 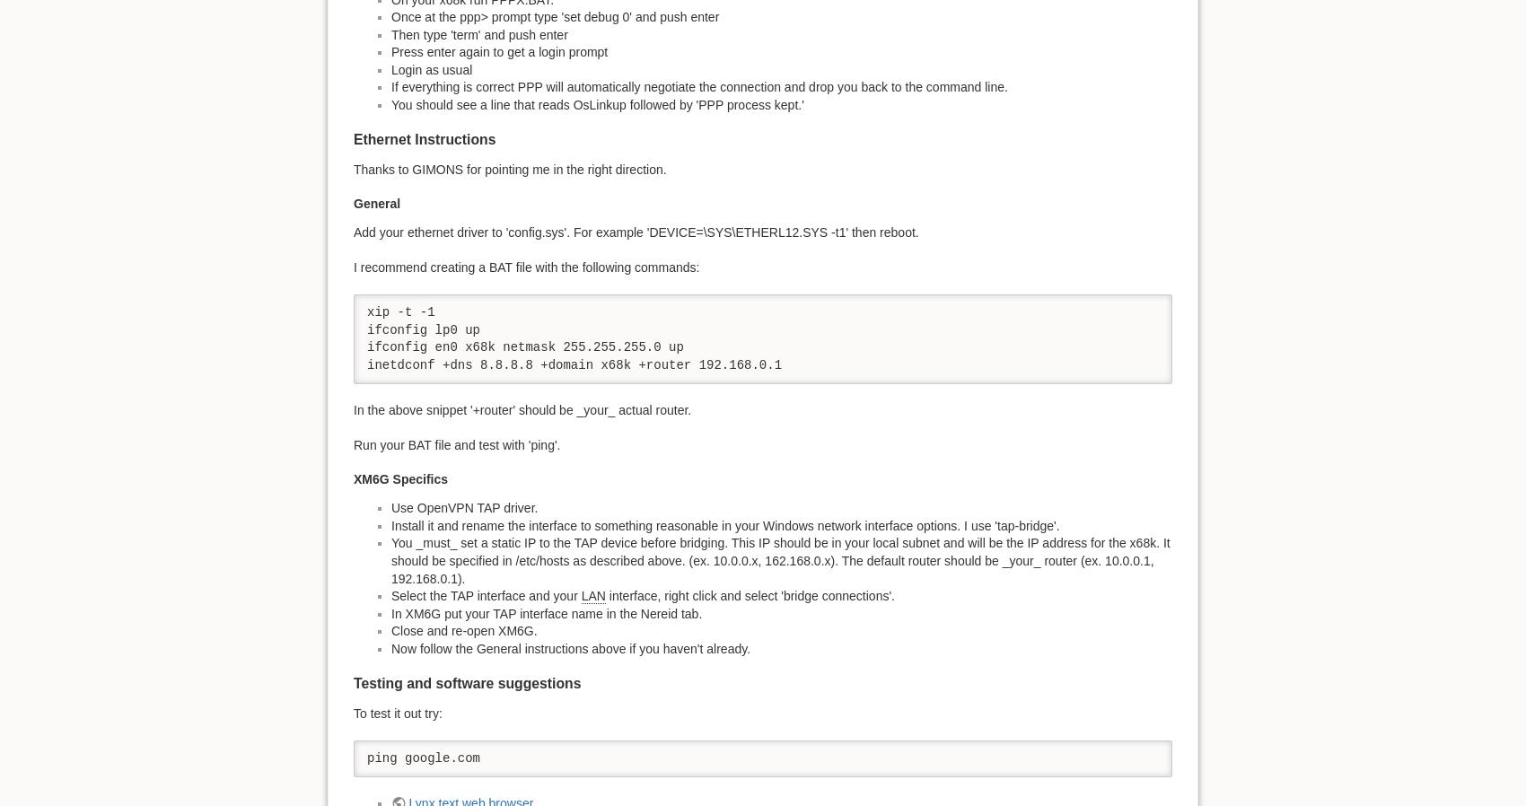 What do you see at coordinates (391, 104) in the screenshot?
I see `'You should see a line that reads OsLinkup followed by 'PPP process kept.''` at bounding box center [391, 104].